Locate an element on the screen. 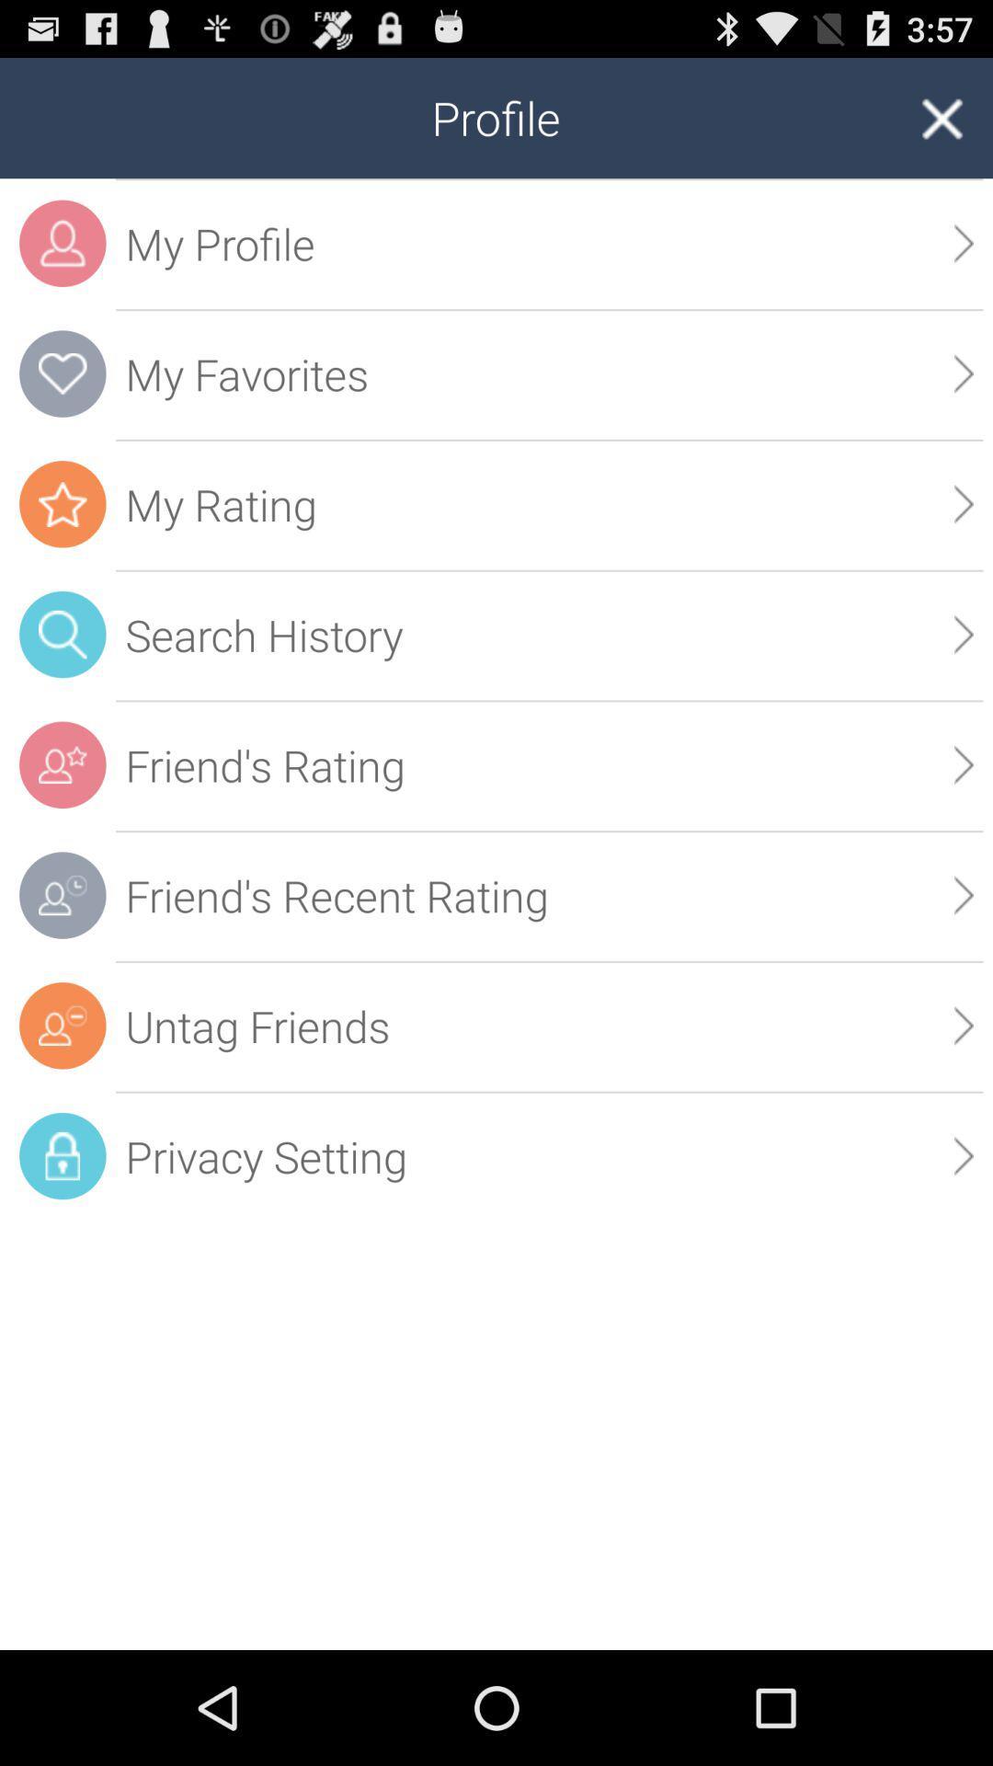 The height and width of the screenshot is (1766, 993). icon above my rating icon is located at coordinates (963, 373).